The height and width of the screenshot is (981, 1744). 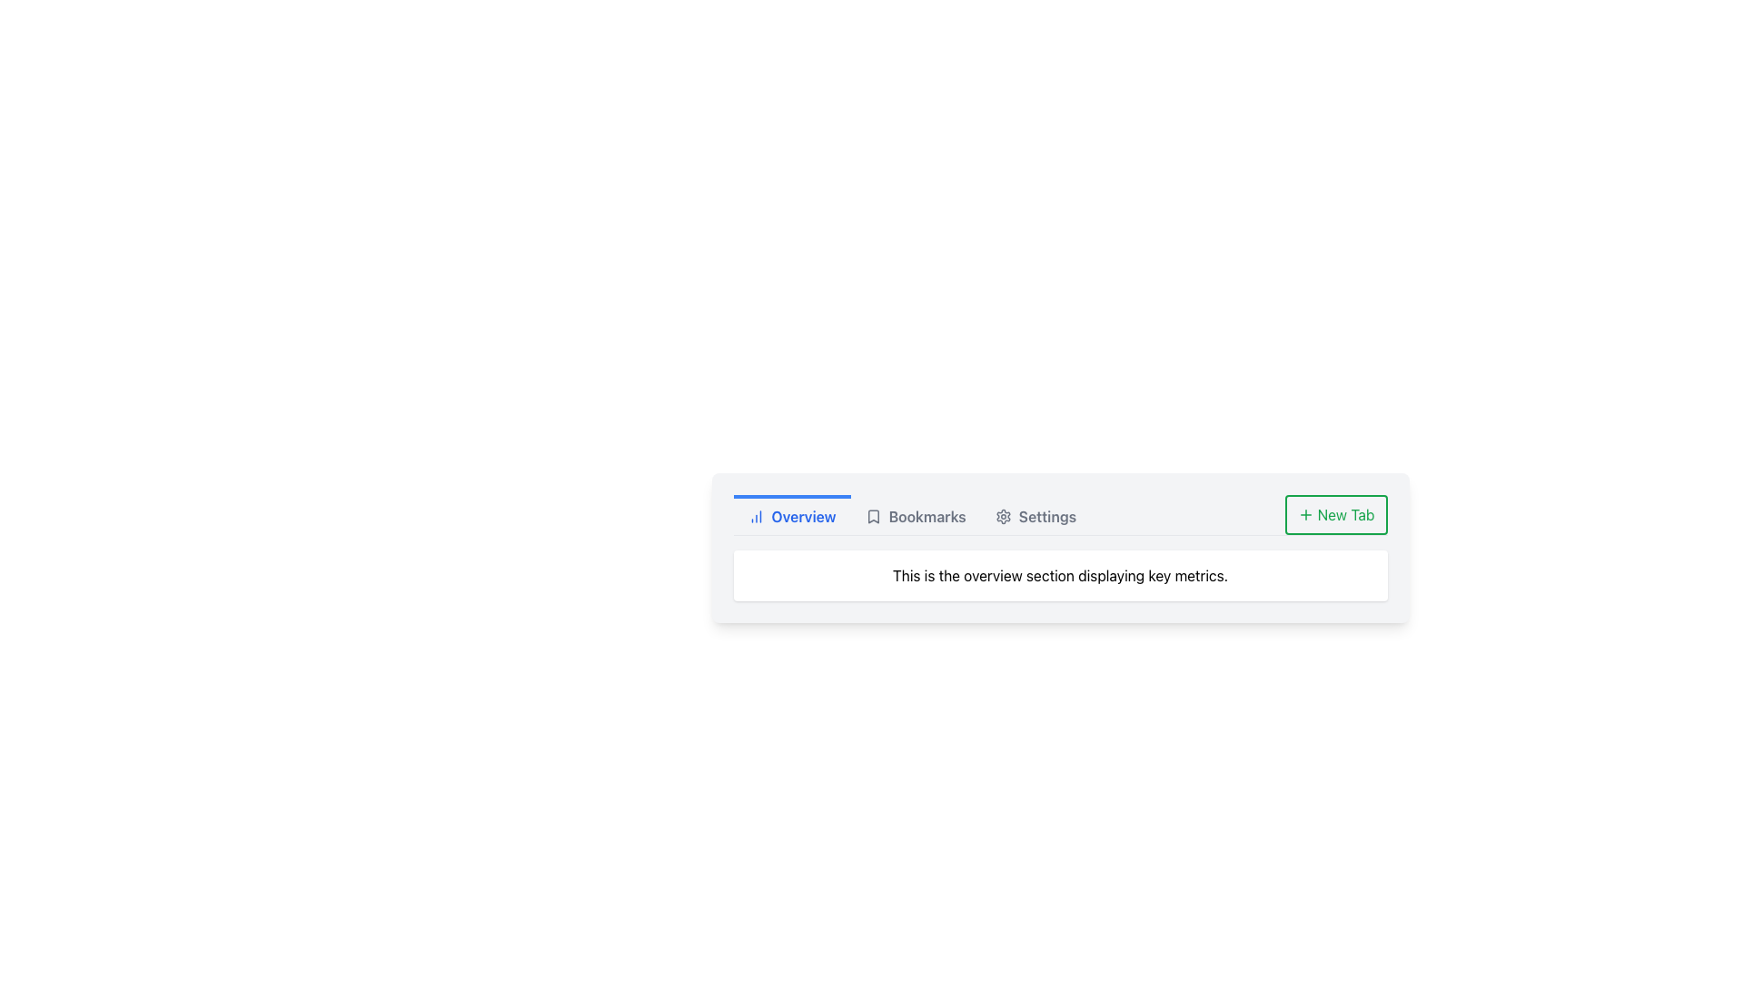 What do you see at coordinates (1002, 517) in the screenshot?
I see `the settings icon, which is a part of a gear design vector graphic located to the right of the 'Settings' tab text` at bounding box center [1002, 517].